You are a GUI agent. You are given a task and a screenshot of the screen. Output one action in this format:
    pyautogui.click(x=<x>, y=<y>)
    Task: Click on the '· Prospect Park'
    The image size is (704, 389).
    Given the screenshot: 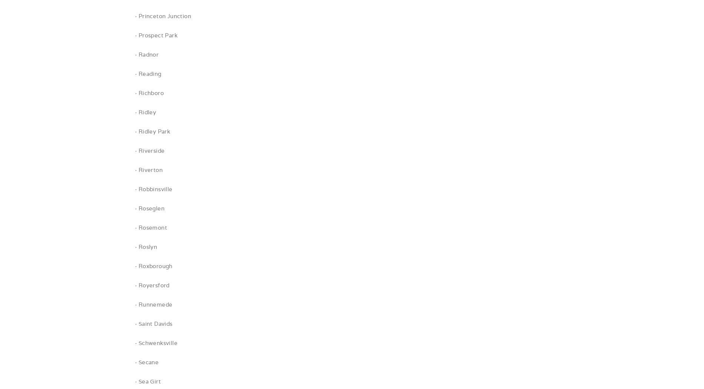 What is the action you would take?
    pyautogui.click(x=135, y=35)
    